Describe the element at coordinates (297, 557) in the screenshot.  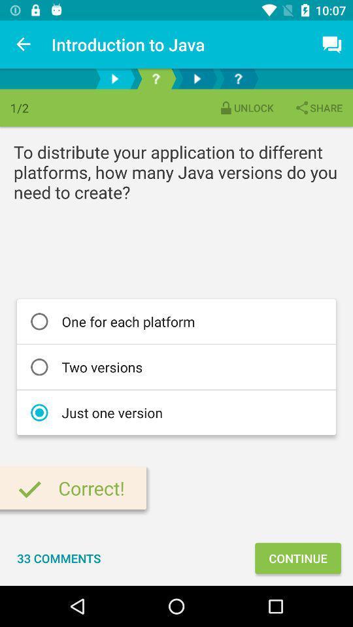
I see `the item to the right of the 33 comments icon` at that location.